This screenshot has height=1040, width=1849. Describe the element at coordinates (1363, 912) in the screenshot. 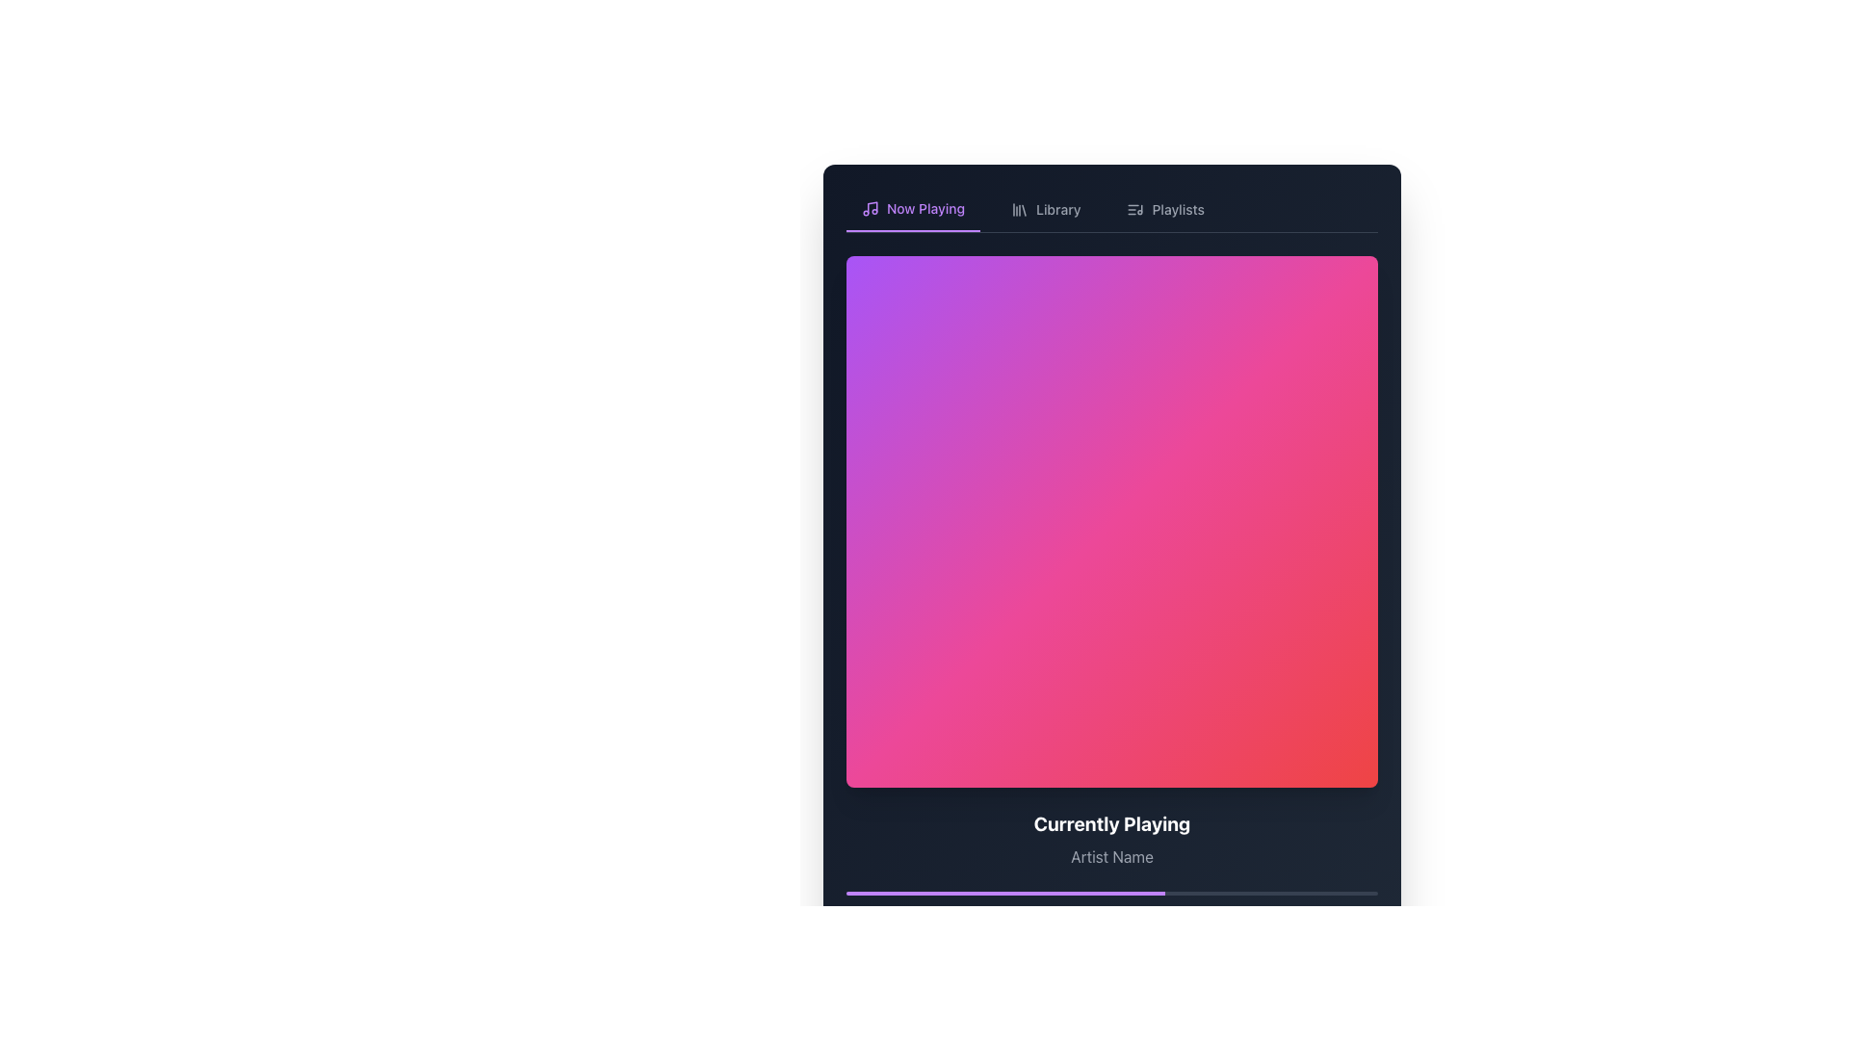

I see `the text label displaying '3:45', which is styled in gray and positioned on the right side of a horizontal timing bar indicating the end time of a duration` at that location.